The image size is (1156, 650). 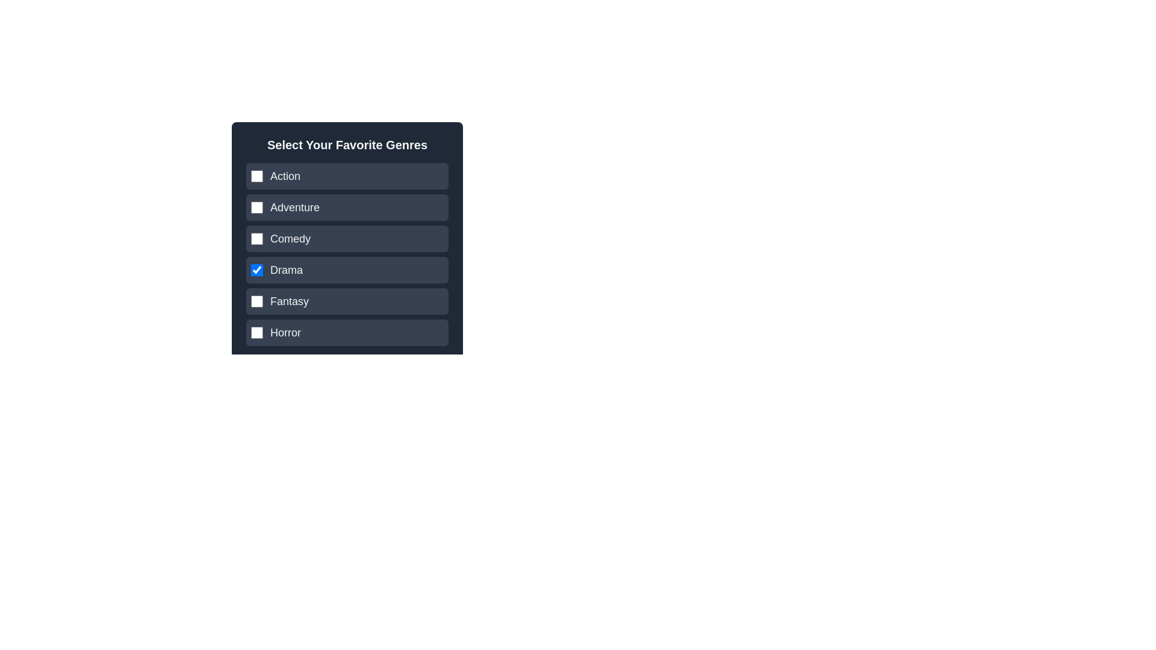 I want to click on the checkbox, so click(x=346, y=239).